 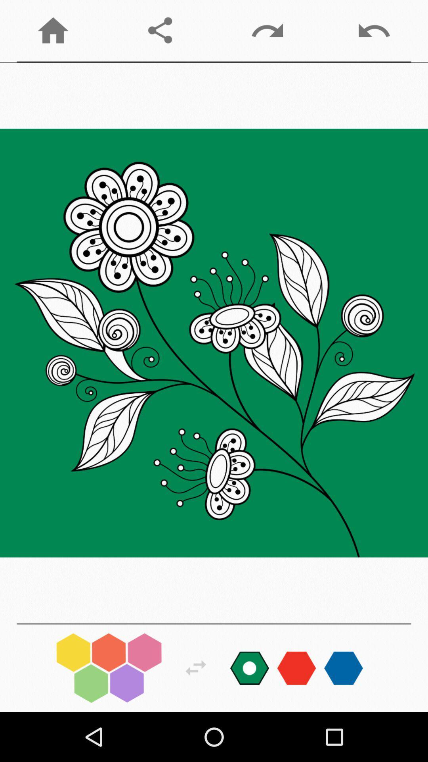 I want to click on next move, so click(x=196, y=668).